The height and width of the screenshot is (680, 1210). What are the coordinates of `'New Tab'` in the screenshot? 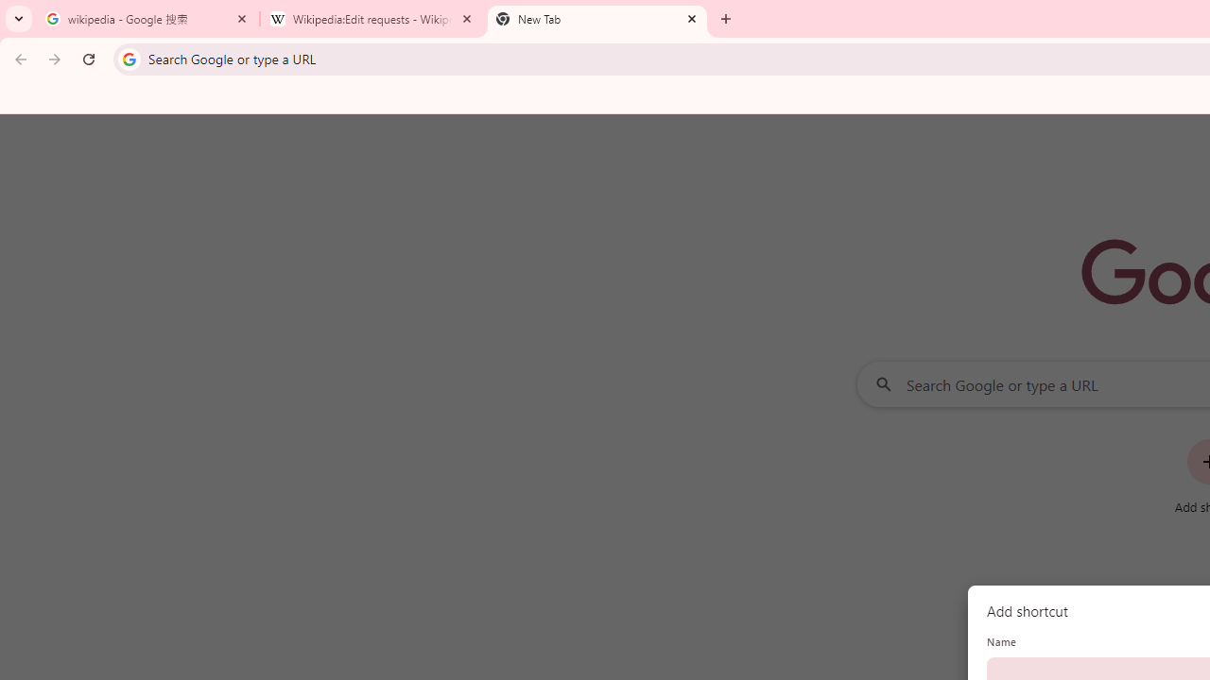 It's located at (596, 19).